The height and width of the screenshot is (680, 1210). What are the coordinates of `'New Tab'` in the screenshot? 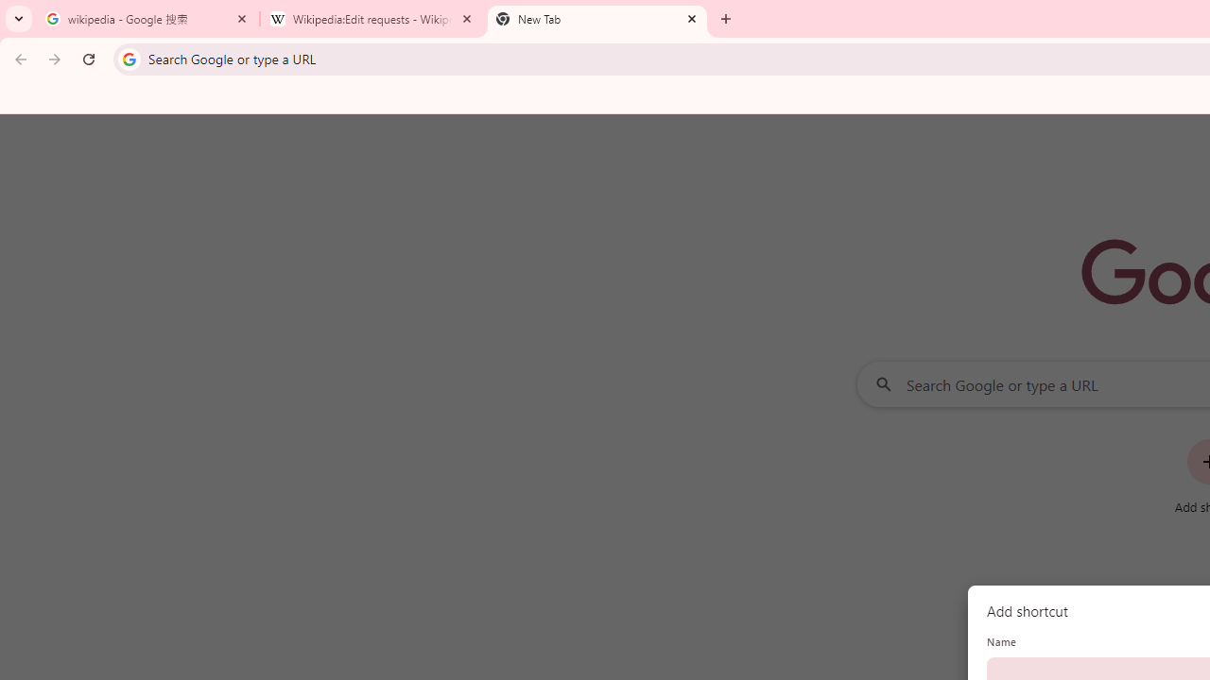 It's located at (596, 19).